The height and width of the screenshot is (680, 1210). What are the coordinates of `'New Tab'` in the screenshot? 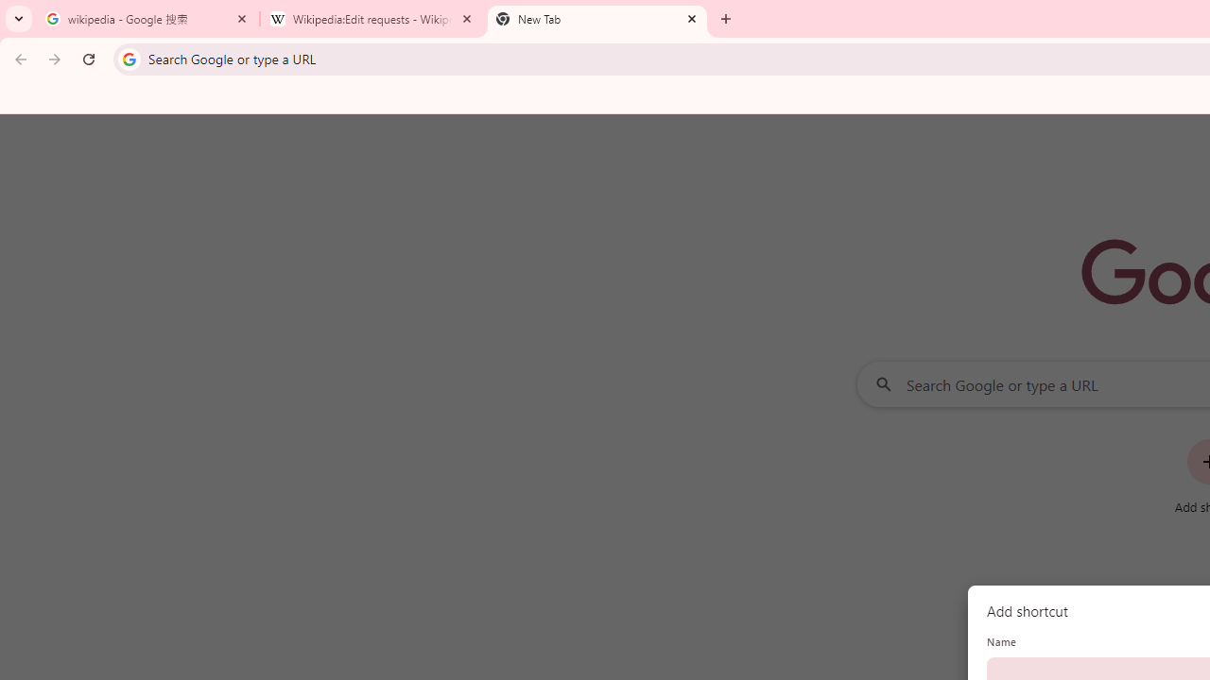 It's located at (596, 19).